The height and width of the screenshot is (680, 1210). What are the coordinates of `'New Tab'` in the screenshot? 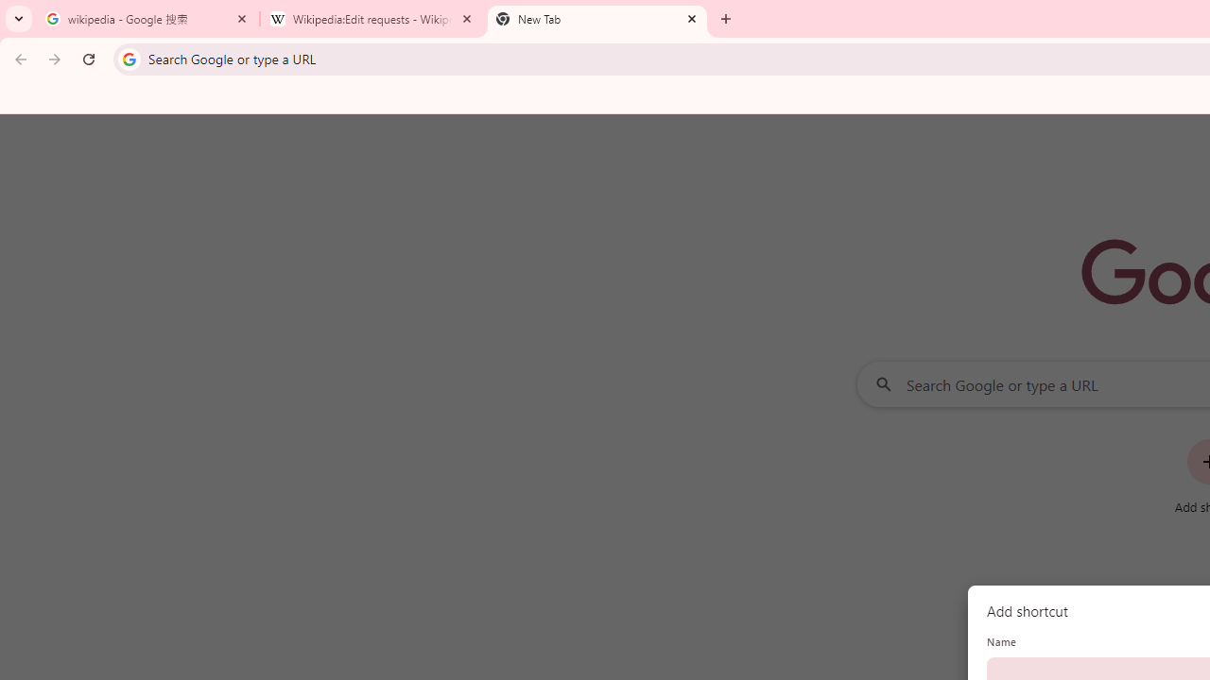 It's located at (596, 19).